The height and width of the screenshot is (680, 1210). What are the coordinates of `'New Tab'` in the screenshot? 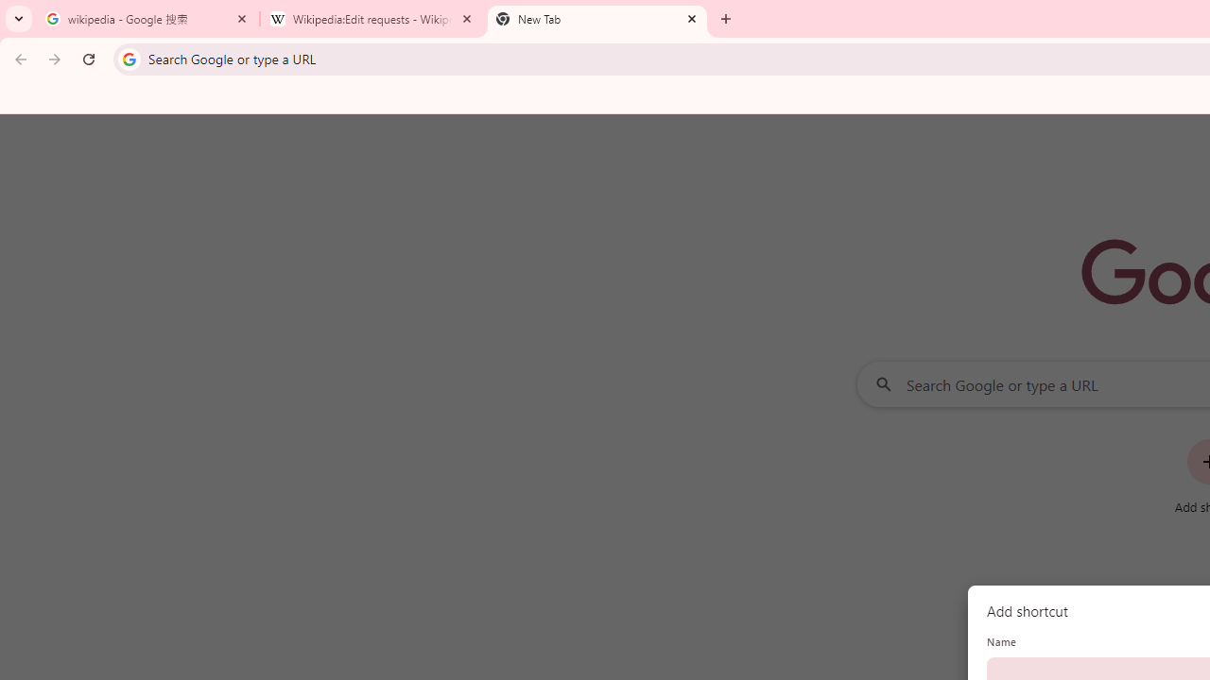 It's located at (596, 19).